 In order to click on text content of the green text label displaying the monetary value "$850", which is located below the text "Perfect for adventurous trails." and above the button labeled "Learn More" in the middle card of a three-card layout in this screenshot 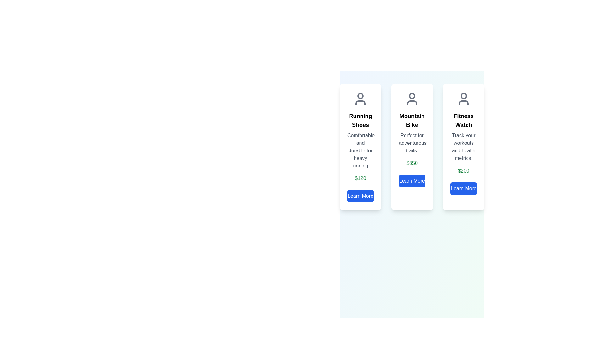, I will do `click(412, 163)`.